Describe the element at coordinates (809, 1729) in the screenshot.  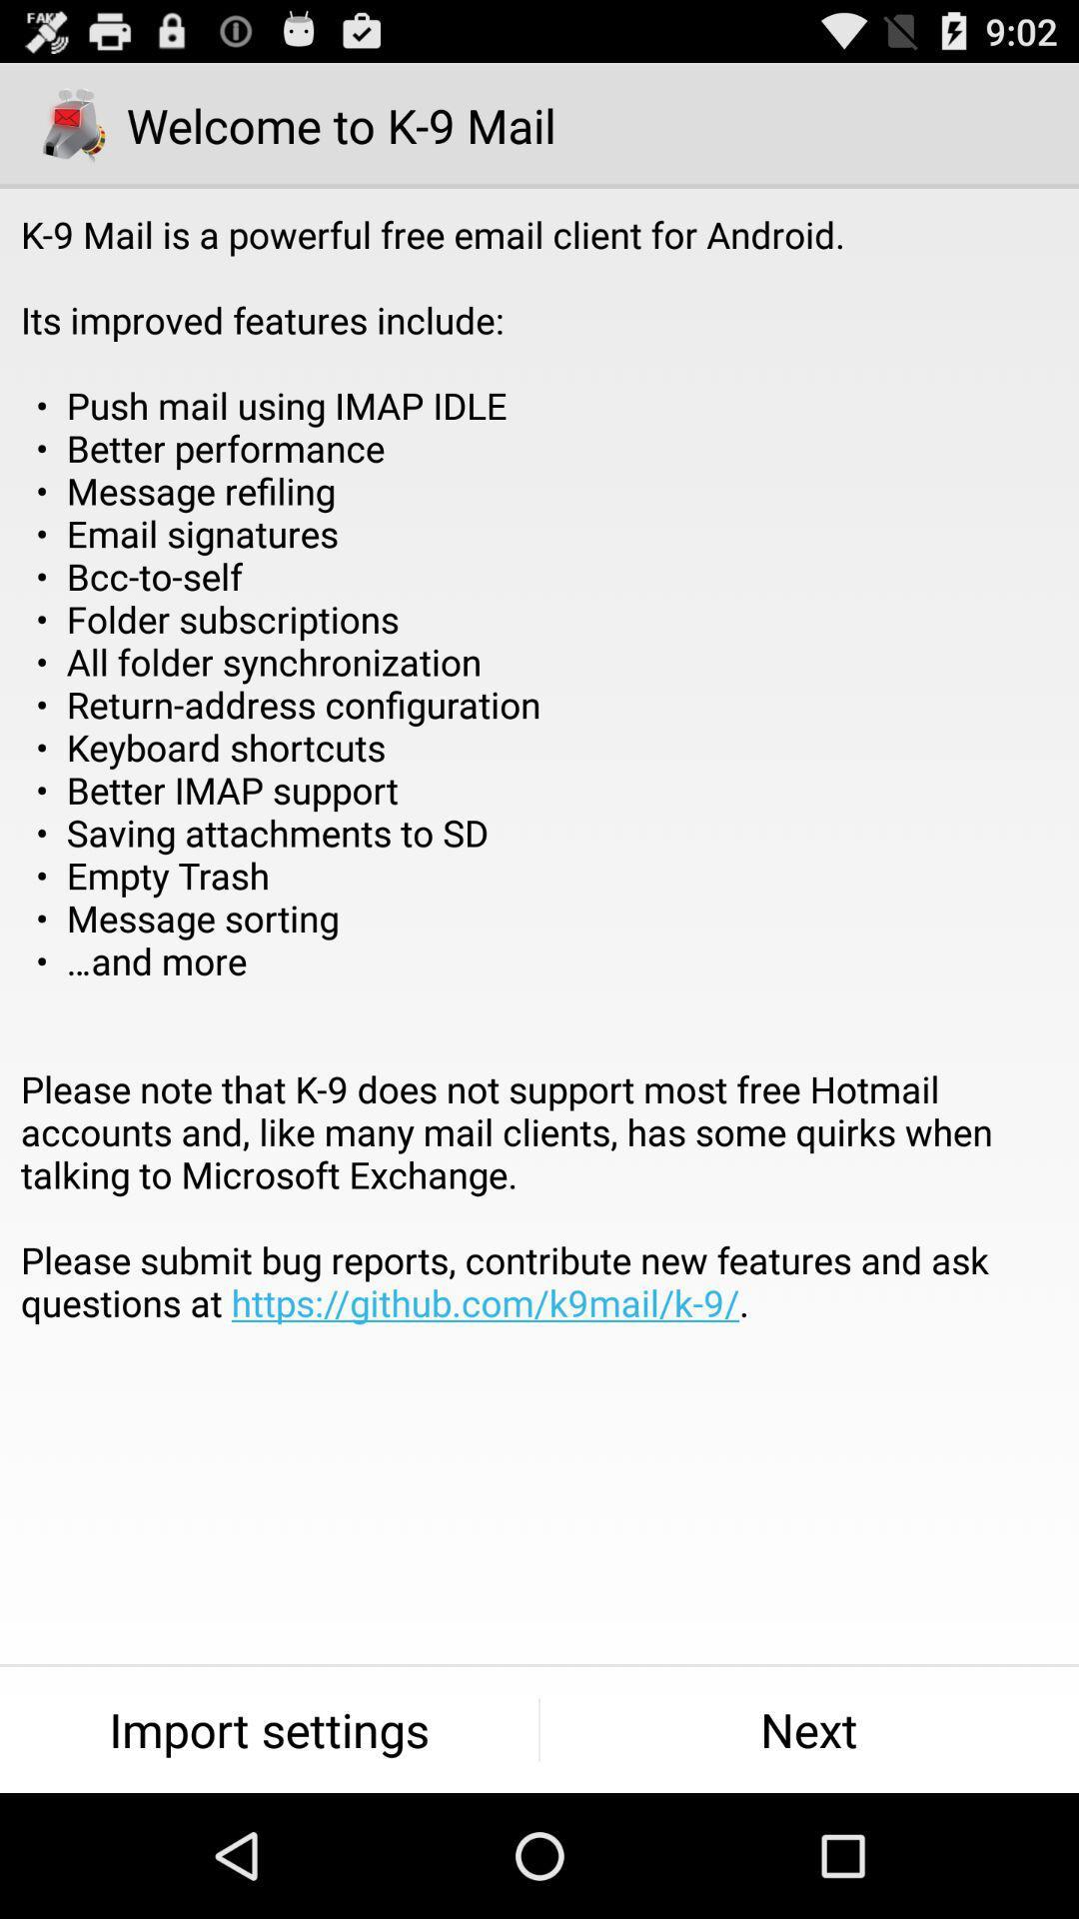
I see `the icon to the right of the import settings button` at that location.